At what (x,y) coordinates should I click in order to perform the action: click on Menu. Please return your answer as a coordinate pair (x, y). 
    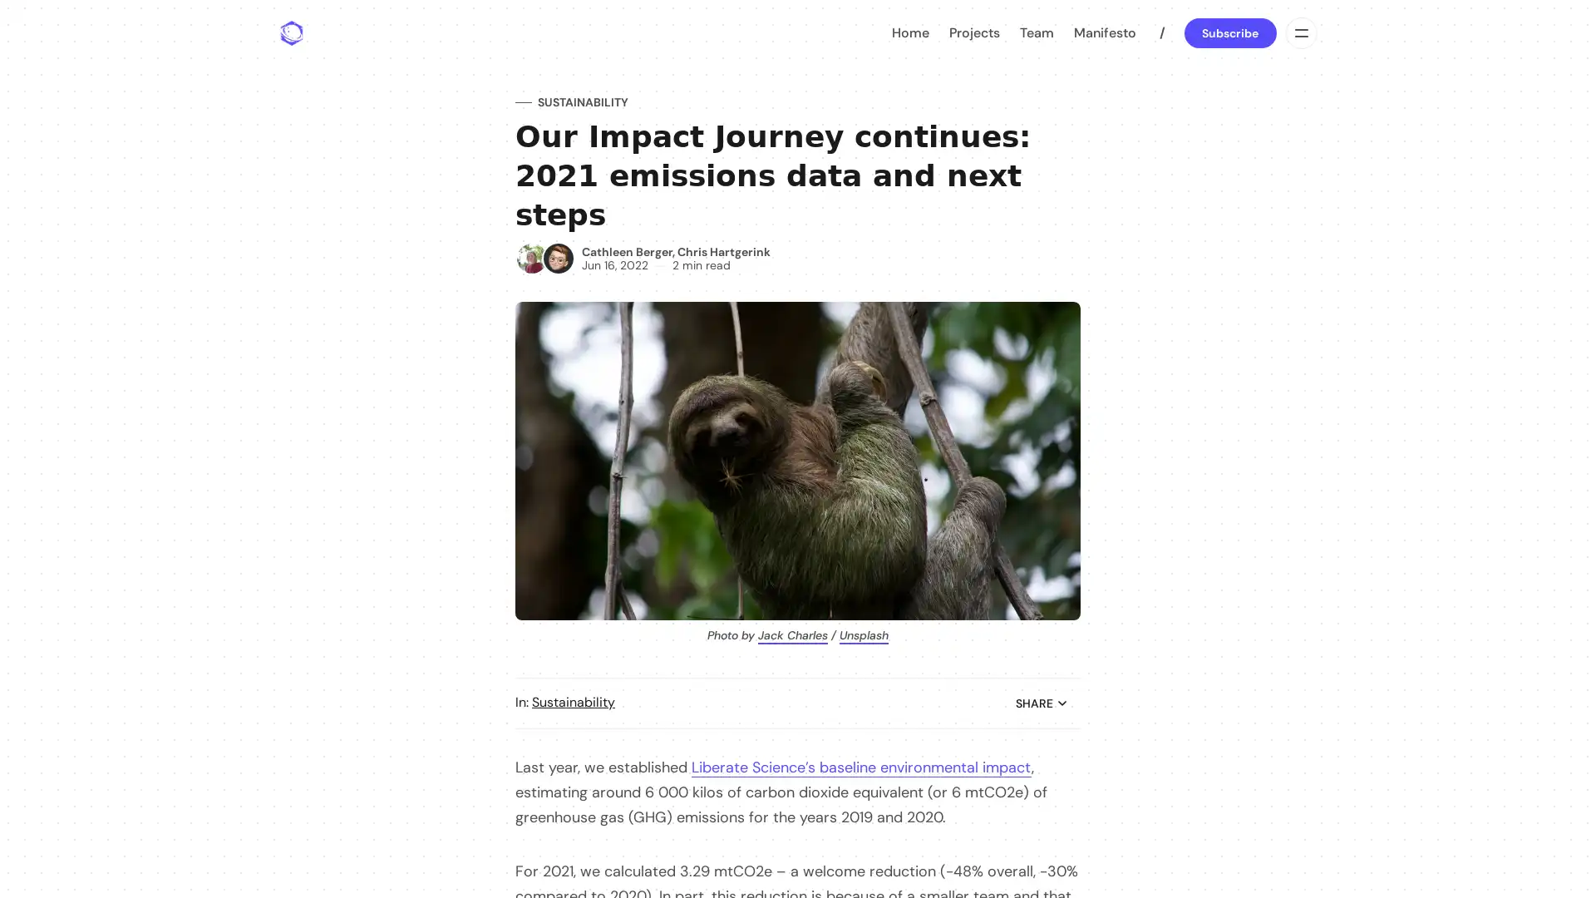
    Looking at the image, I should click on (1299, 32).